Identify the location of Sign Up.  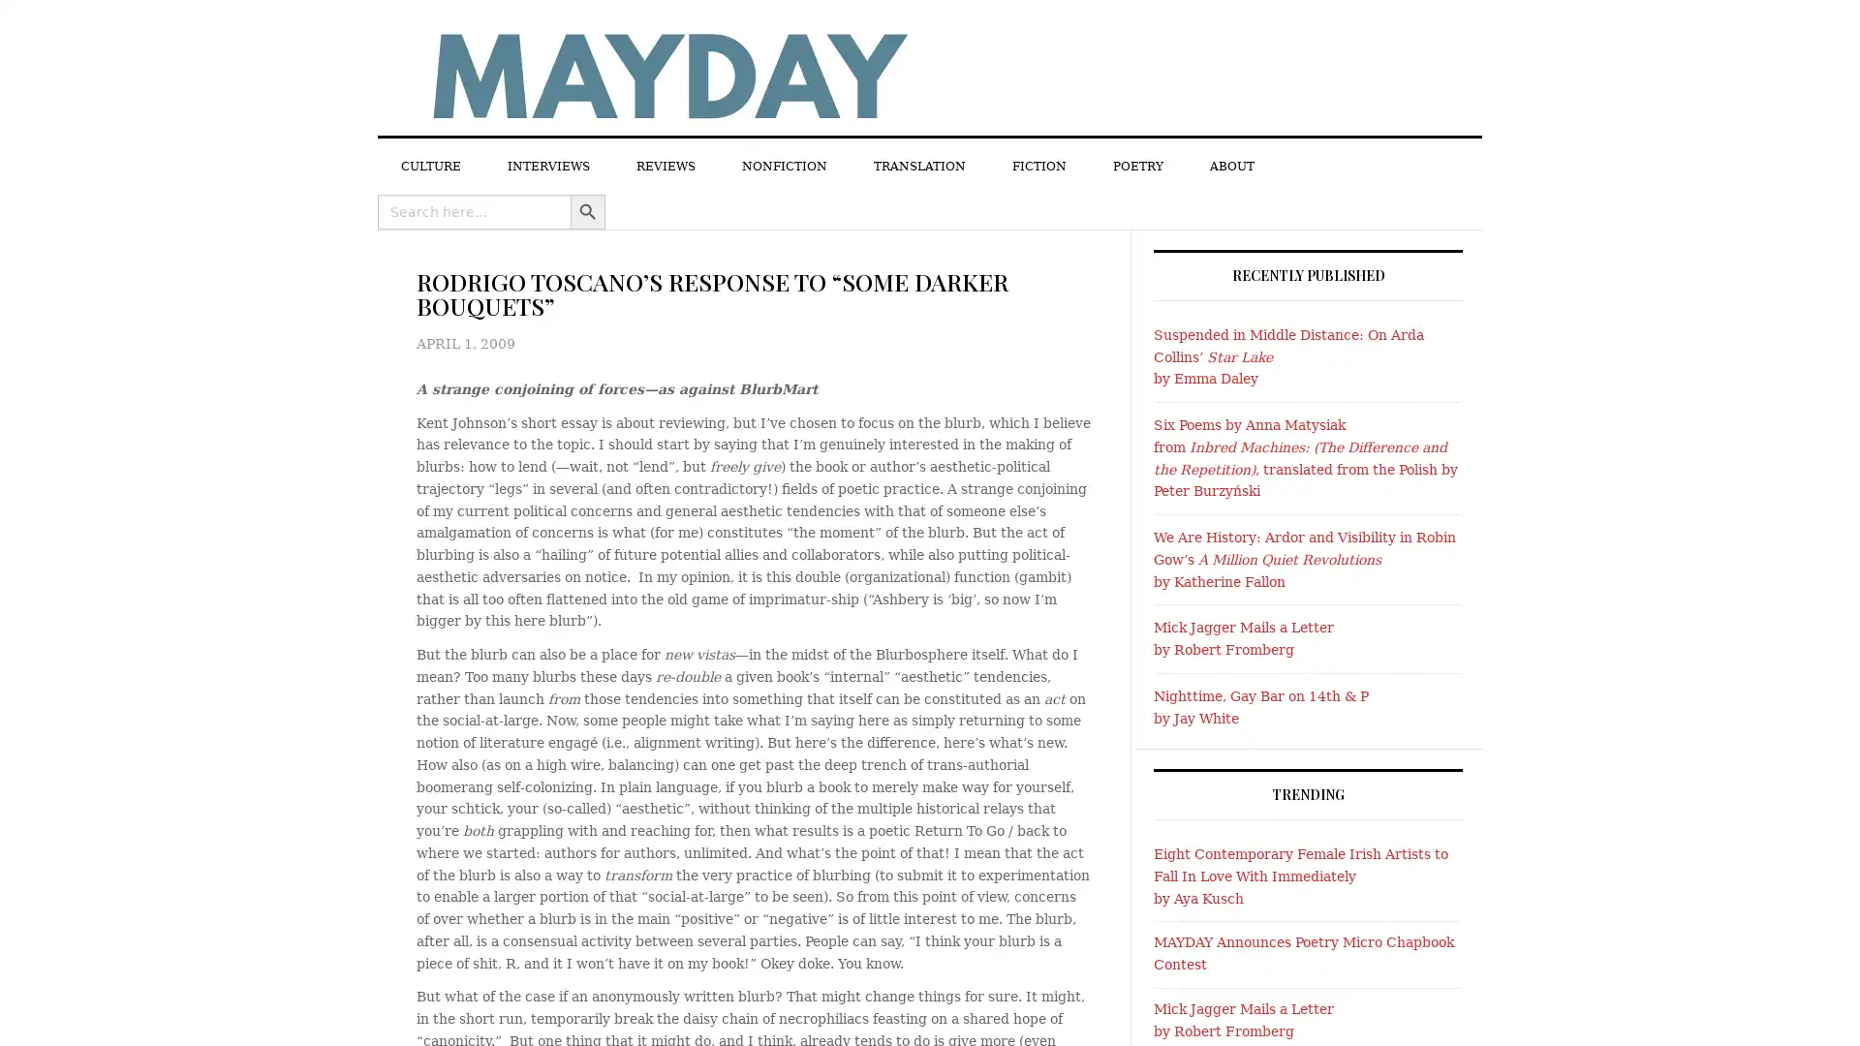
(857, 561).